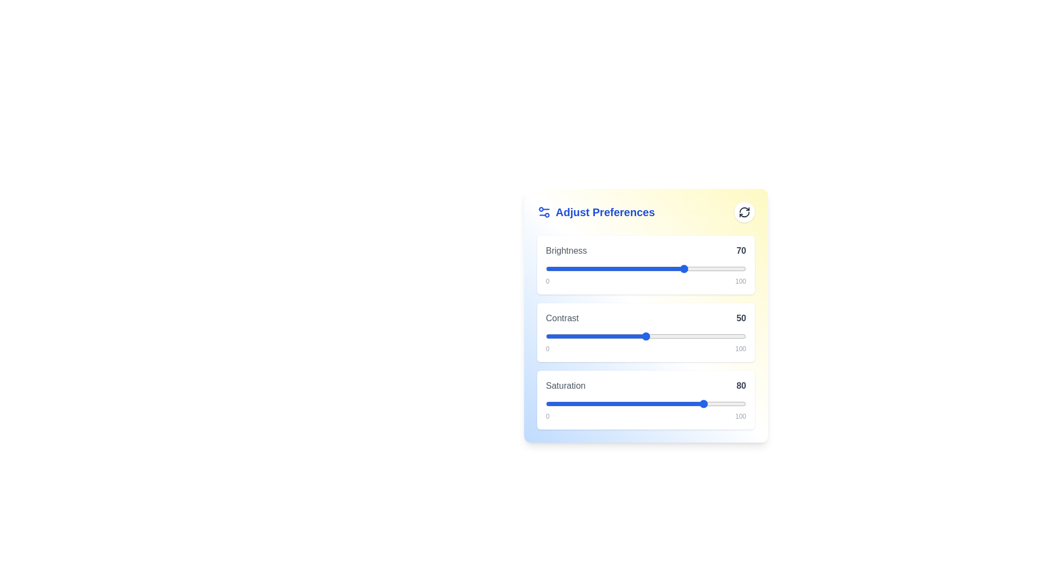 This screenshot has height=588, width=1045. I want to click on the circular refresh button with a white background located at the top-right corner of the 'Adjust Preferences' panel, so click(744, 212).